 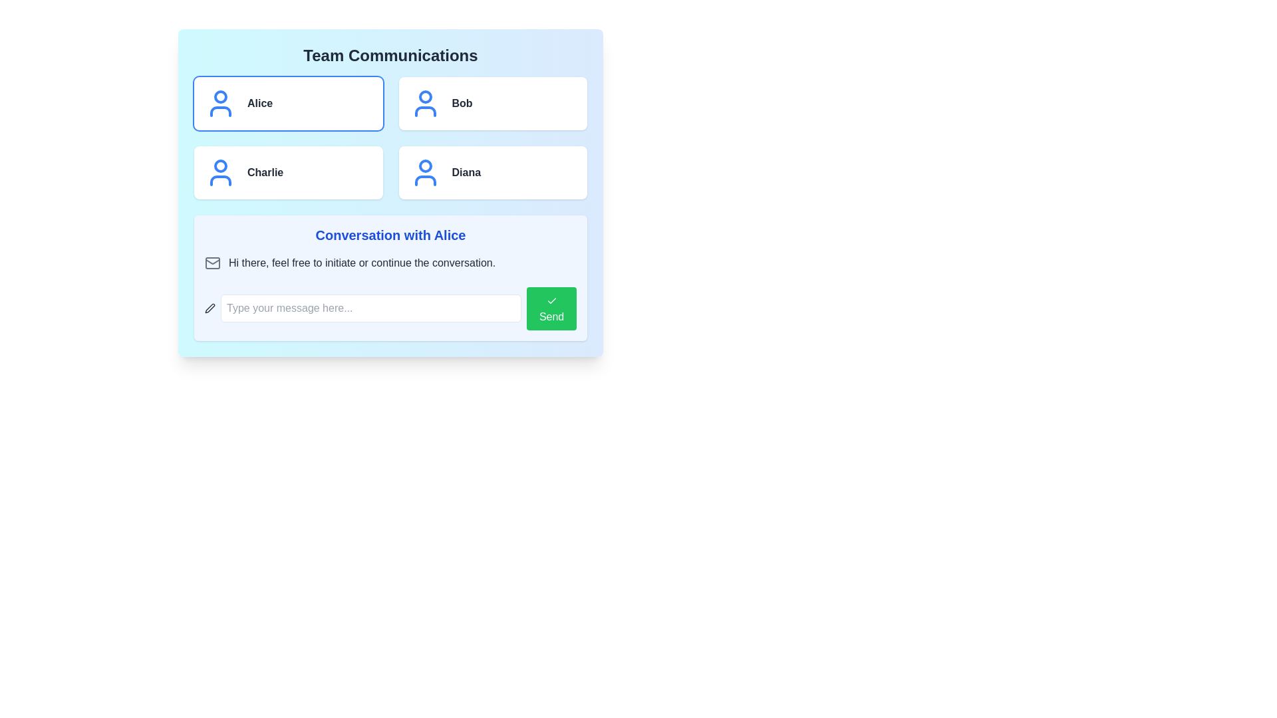 What do you see at coordinates (220, 96) in the screenshot?
I see `the small circular Decorative indicator located at the top-center of the blue user icon associated with the 'Alice' button` at bounding box center [220, 96].